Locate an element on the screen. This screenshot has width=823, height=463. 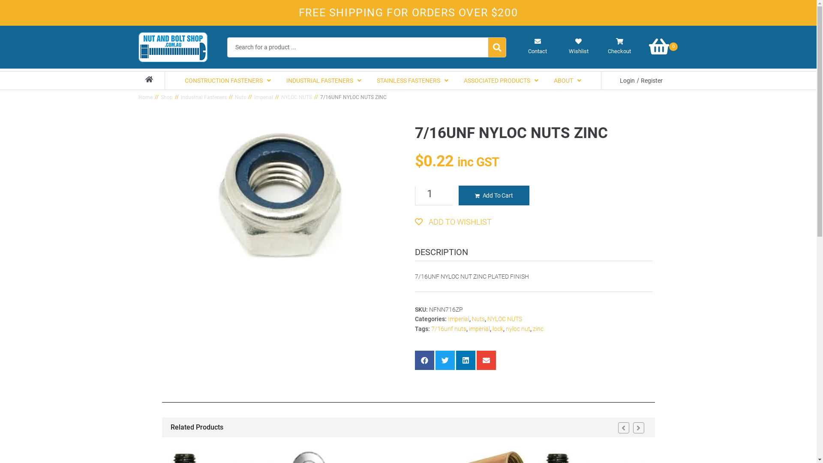
'NYLOC NUTS' is located at coordinates (296, 97).